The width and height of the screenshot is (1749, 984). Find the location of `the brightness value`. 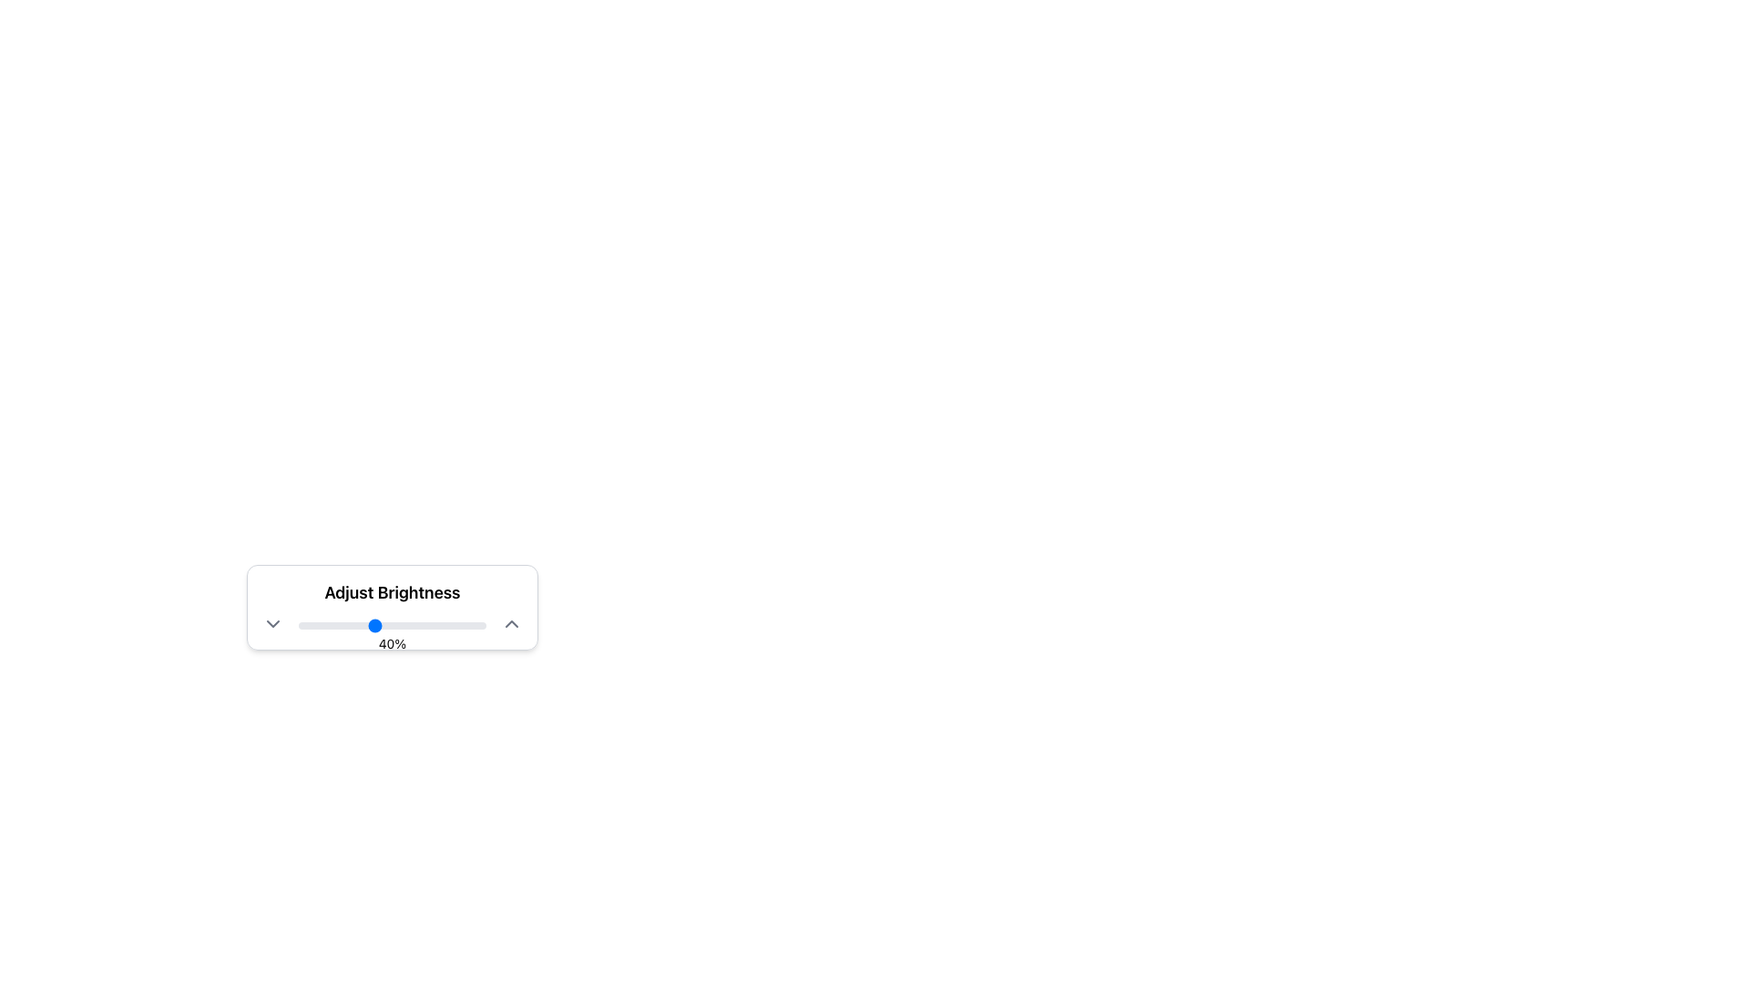

the brightness value is located at coordinates (403, 624).